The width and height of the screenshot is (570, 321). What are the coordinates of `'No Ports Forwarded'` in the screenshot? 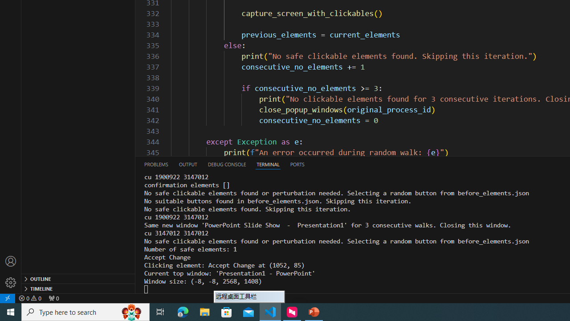 It's located at (53, 298).